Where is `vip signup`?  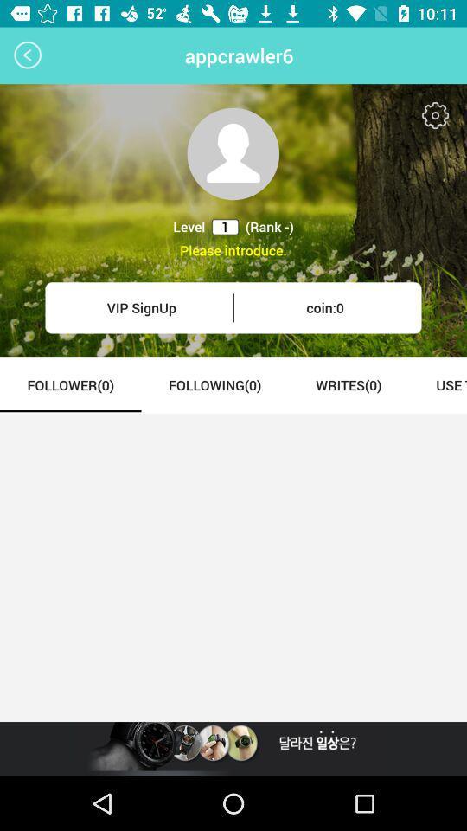
vip signup is located at coordinates (140, 307).